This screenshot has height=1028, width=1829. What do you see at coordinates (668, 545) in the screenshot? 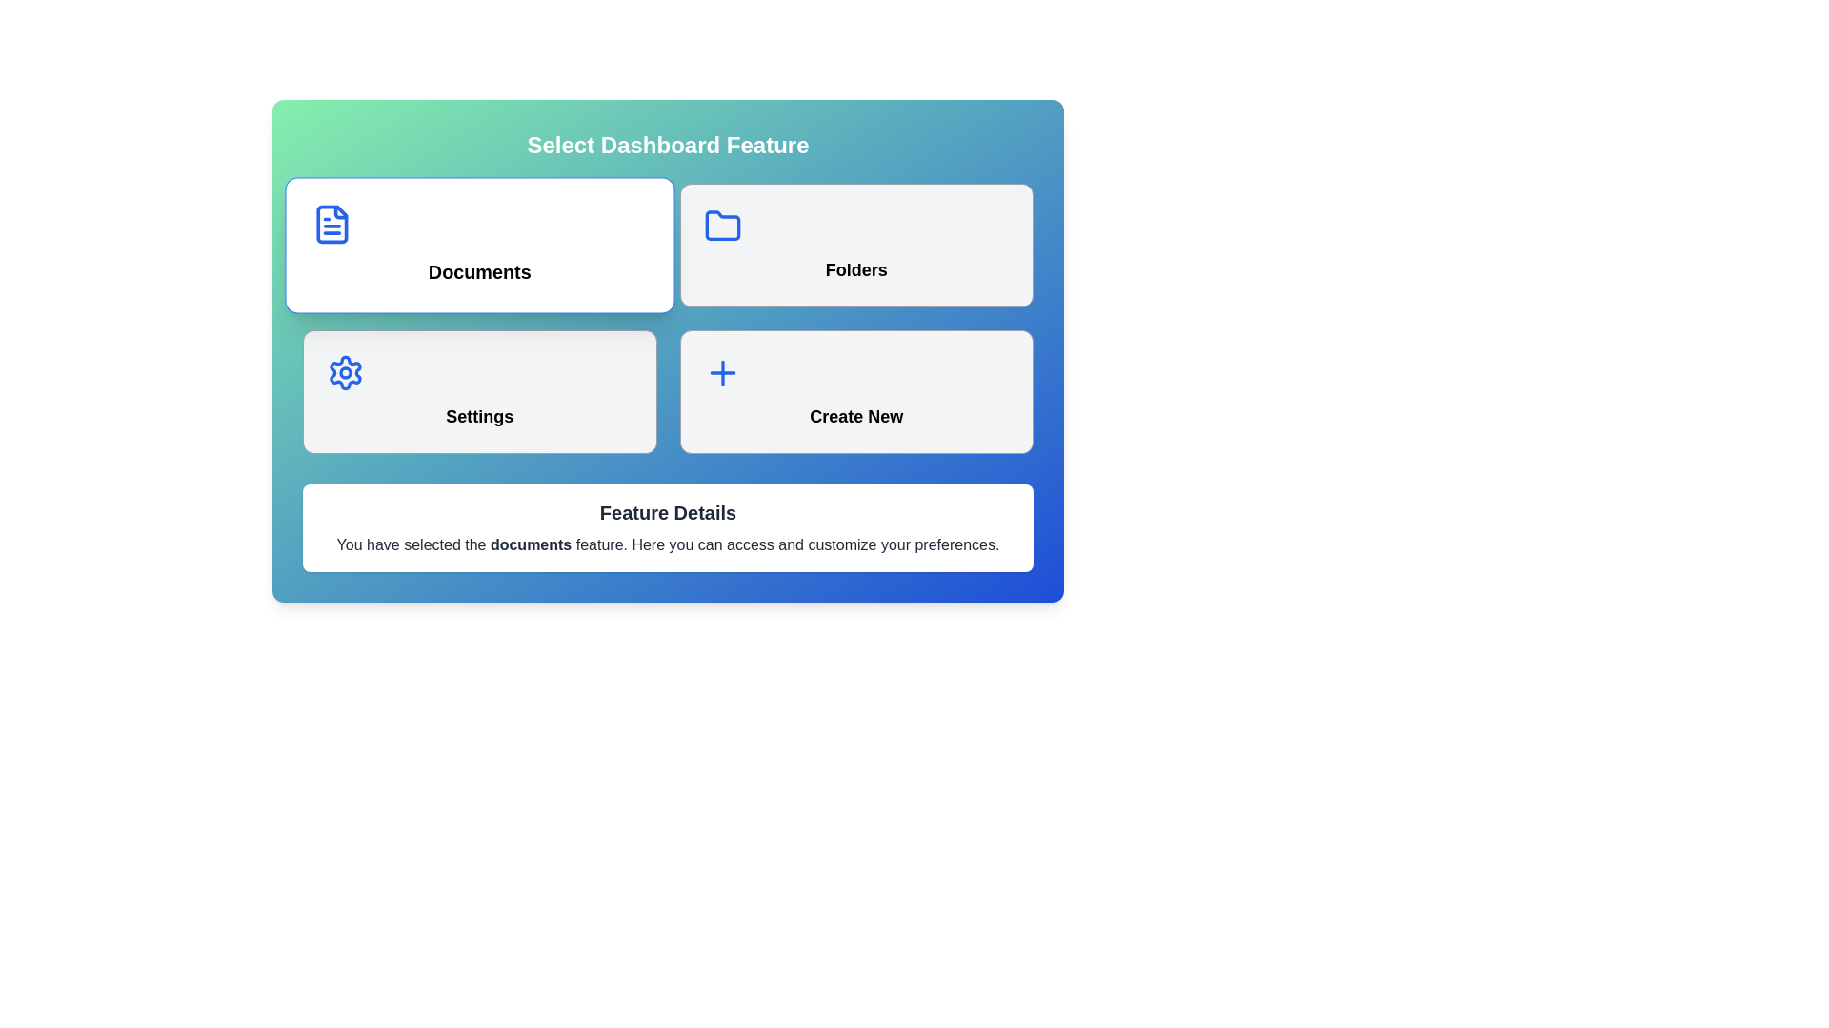
I see `the informational Text Label for the 'documents' feature located in the lower white section of the 'Feature Details' panel, which is the second element below the bold title` at bounding box center [668, 545].